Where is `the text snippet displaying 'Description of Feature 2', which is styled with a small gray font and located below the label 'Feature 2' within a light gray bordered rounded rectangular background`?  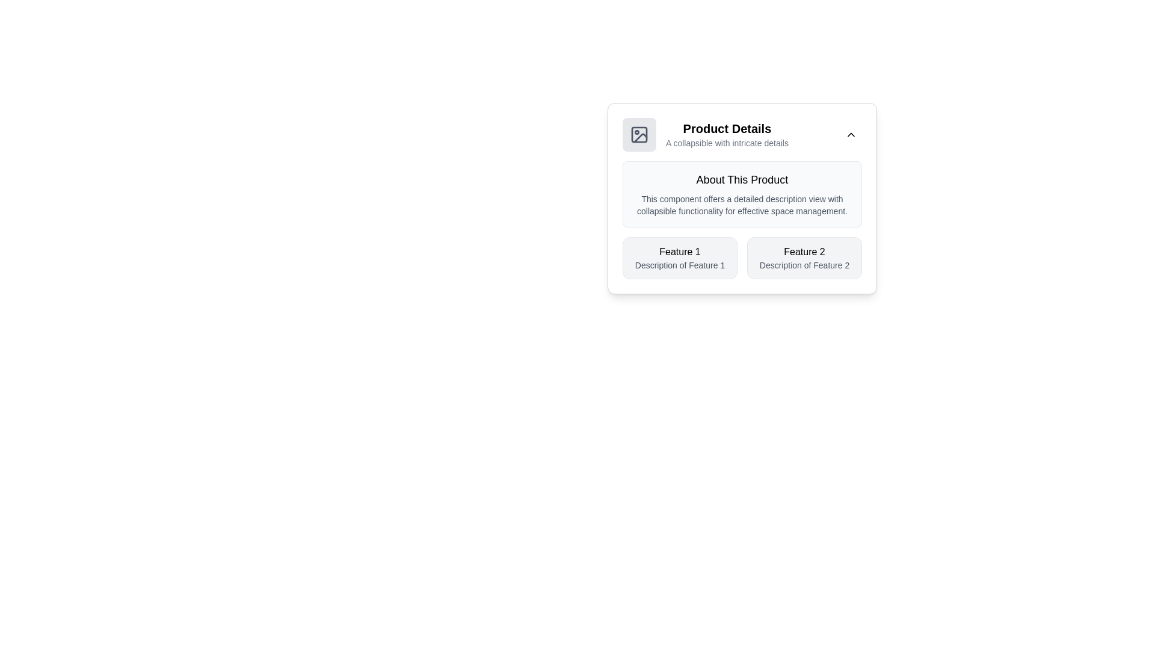 the text snippet displaying 'Description of Feature 2', which is styled with a small gray font and located below the label 'Feature 2' within a light gray bordered rounded rectangular background is located at coordinates (804, 264).